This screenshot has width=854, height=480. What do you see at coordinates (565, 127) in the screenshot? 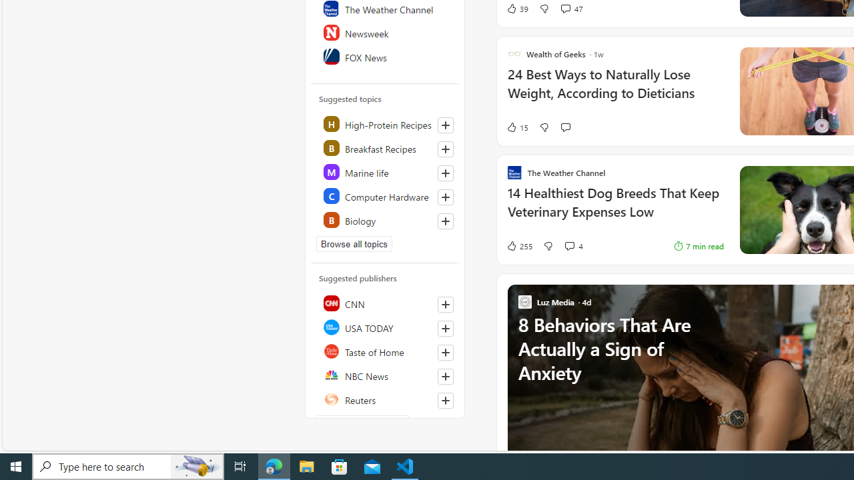
I see `'Start the conversation'` at bounding box center [565, 127].